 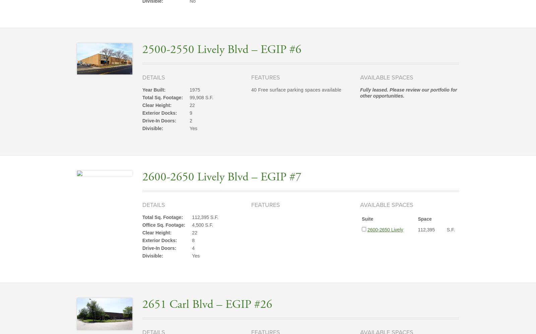 What do you see at coordinates (251, 90) in the screenshot?
I see `'40 Free surface parking spaces available'` at bounding box center [251, 90].